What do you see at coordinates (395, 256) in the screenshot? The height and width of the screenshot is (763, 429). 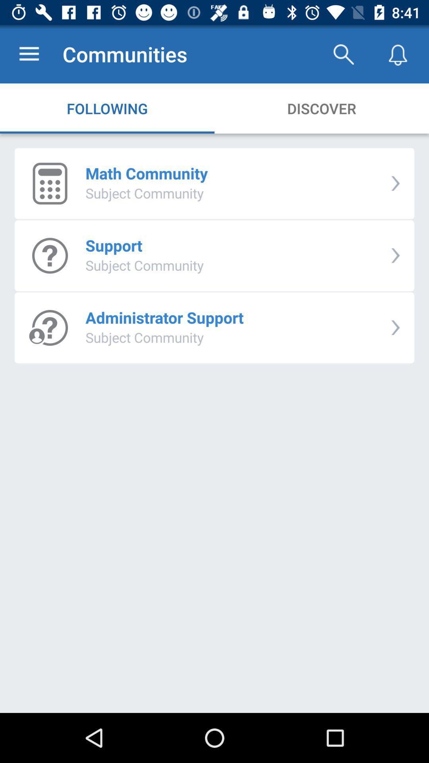 I see `the item to the right of subject community item` at bounding box center [395, 256].